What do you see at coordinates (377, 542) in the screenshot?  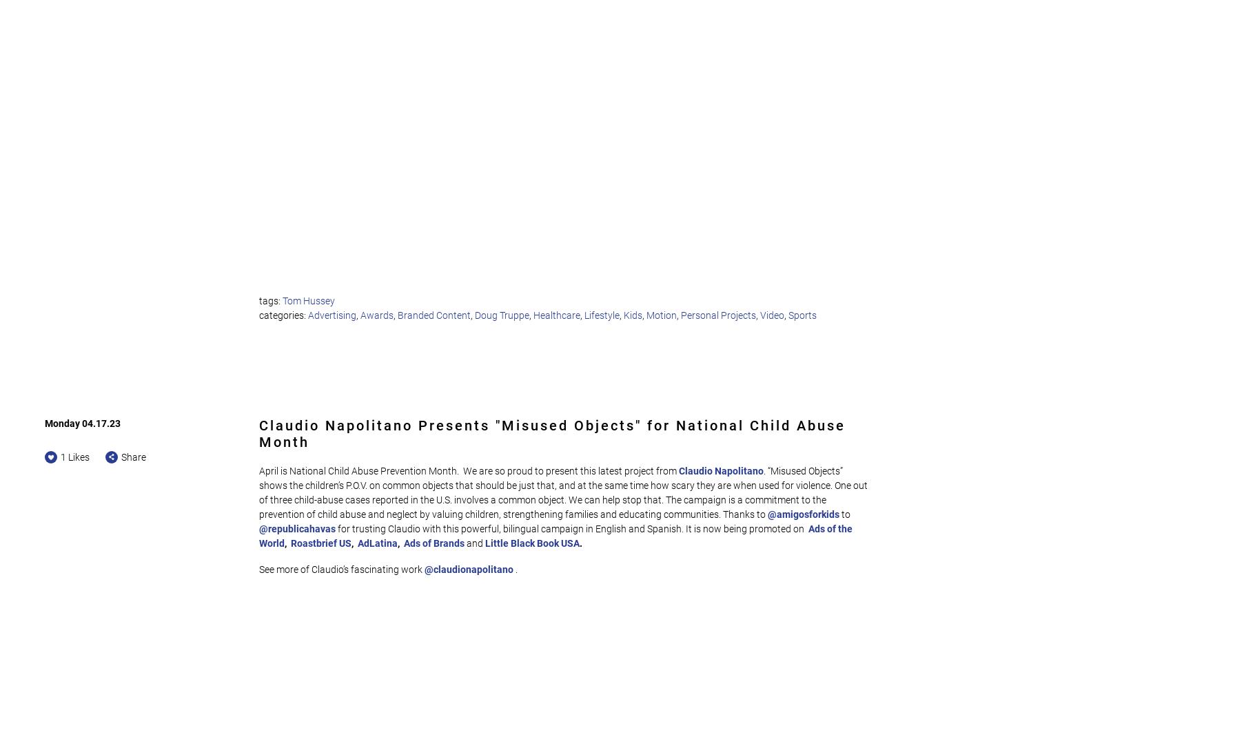 I see `'AdLatina'` at bounding box center [377, 542].